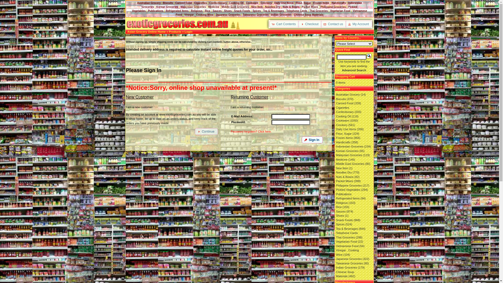 Image resolution: width=503 pixels, height=283 pixels. What do you see at coordinates (196, 11) in the screenshot?
I see `'Religious'` at bounding box center [196, 11].